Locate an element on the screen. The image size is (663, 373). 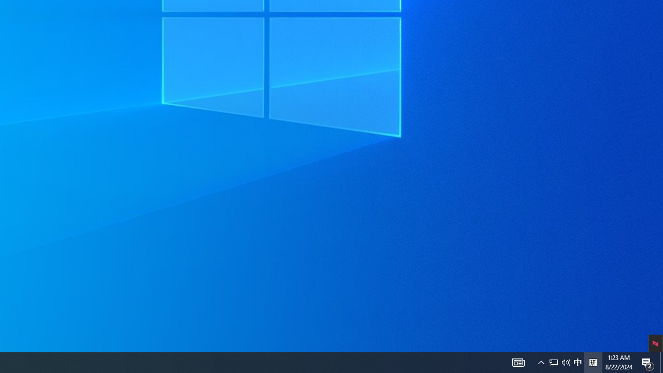
'User Promoted Notification Area' is located at coordinates (518, 362).